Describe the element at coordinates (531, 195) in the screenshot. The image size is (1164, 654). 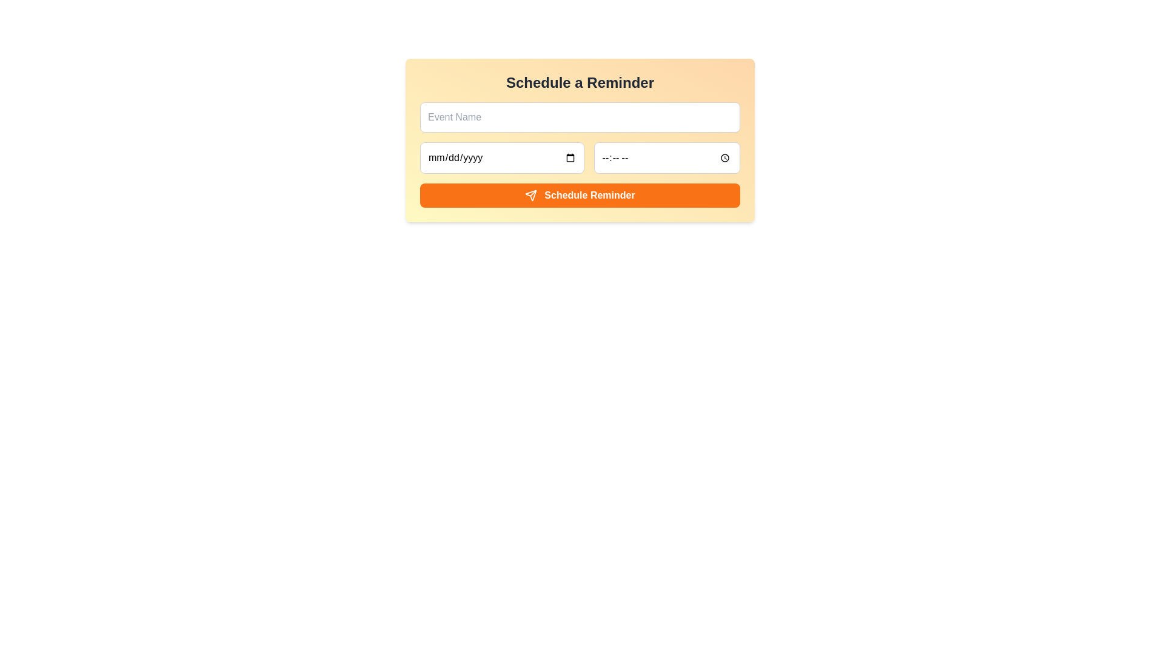
I see `the icon indicating the action of submitting or sending the reminder schedule located within the 'Schedule Reminder' button at the bottom of the form` at that location.